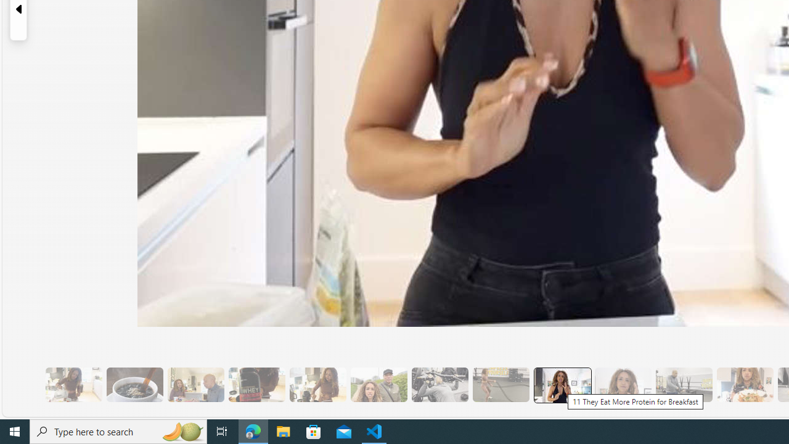 The height and width of the screenshot is (444, 789). What do you see at coordinates (317, 384) in the screenshot?
I see `'7 They Don'` at bounding box center [317, 384].